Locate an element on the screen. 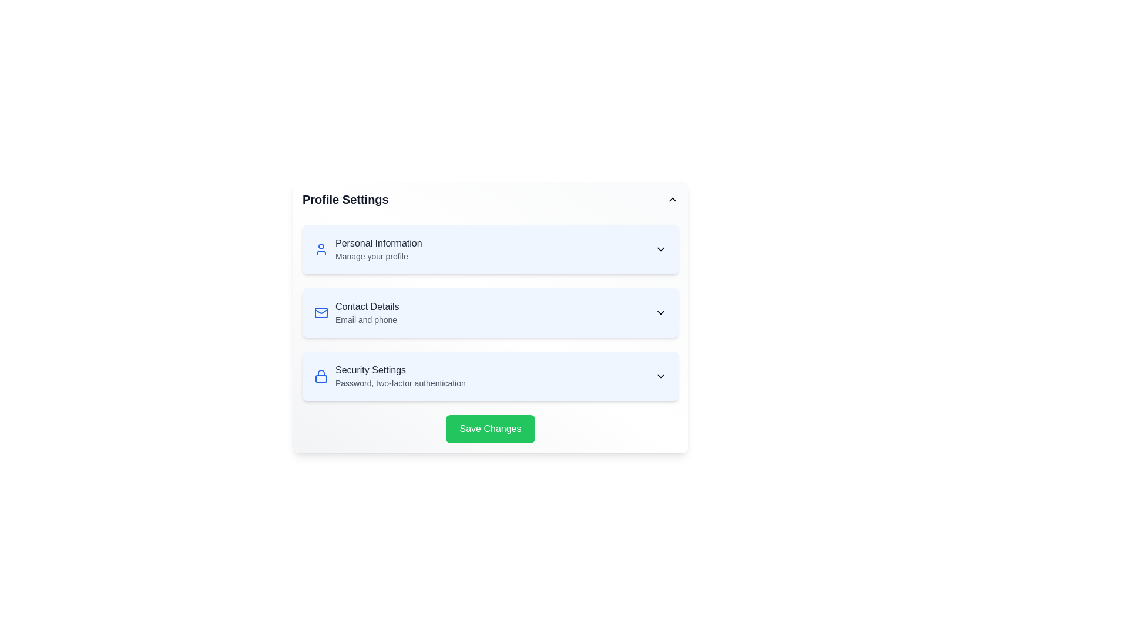  the 'Contact Details' text label, which is styled in dark-gray and serves as a heading within the second collapsible section of the layout is located at coordinates (367, 306).